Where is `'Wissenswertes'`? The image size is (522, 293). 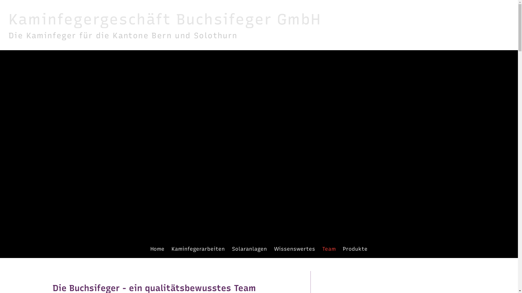 'Wissenswertes' is located at coordinates (294, 249).